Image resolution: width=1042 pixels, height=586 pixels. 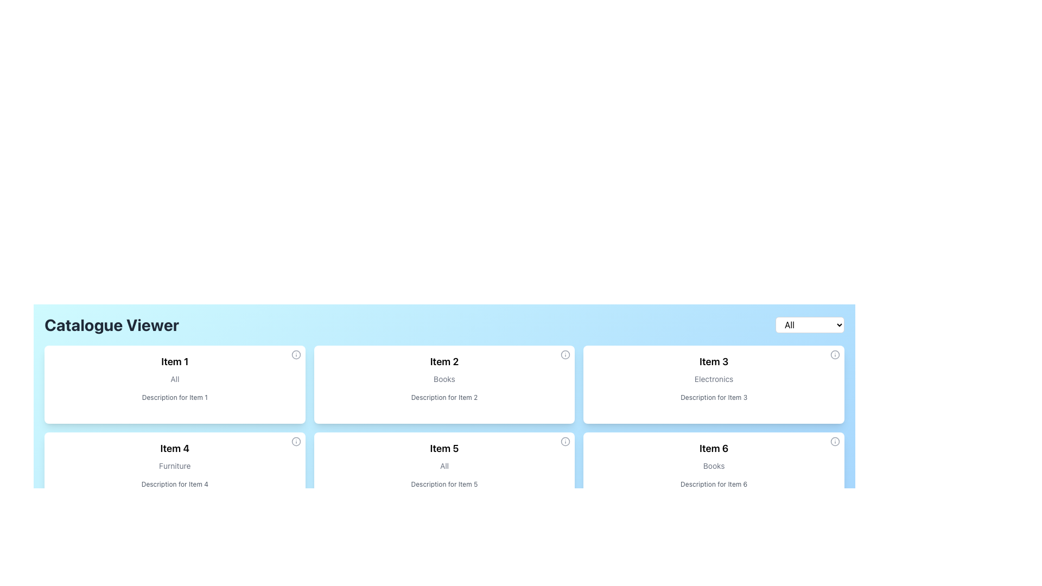 I want to click on the decorative circular vector graphic located in the top-right corner of the 'Item 1' card, which indicates its status or category, so click(x=296, y=355).